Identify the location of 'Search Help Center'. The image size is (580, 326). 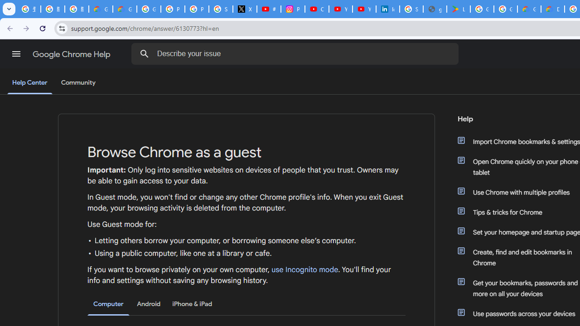
(144, 53).